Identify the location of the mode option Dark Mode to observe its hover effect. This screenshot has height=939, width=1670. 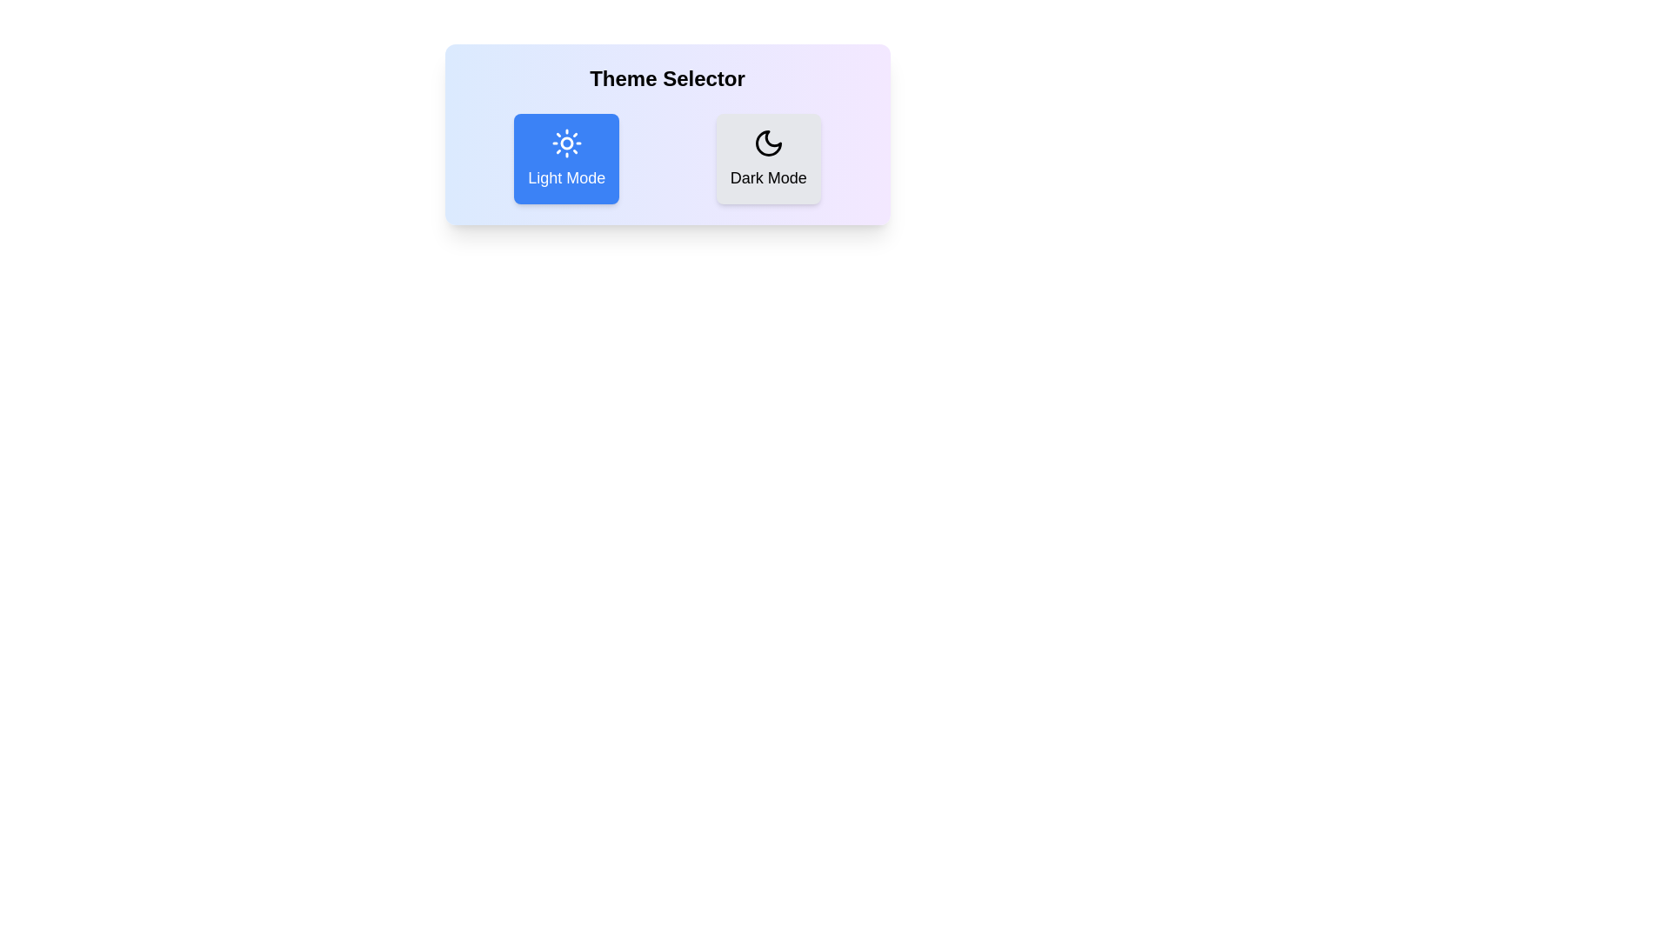
(767, 158).